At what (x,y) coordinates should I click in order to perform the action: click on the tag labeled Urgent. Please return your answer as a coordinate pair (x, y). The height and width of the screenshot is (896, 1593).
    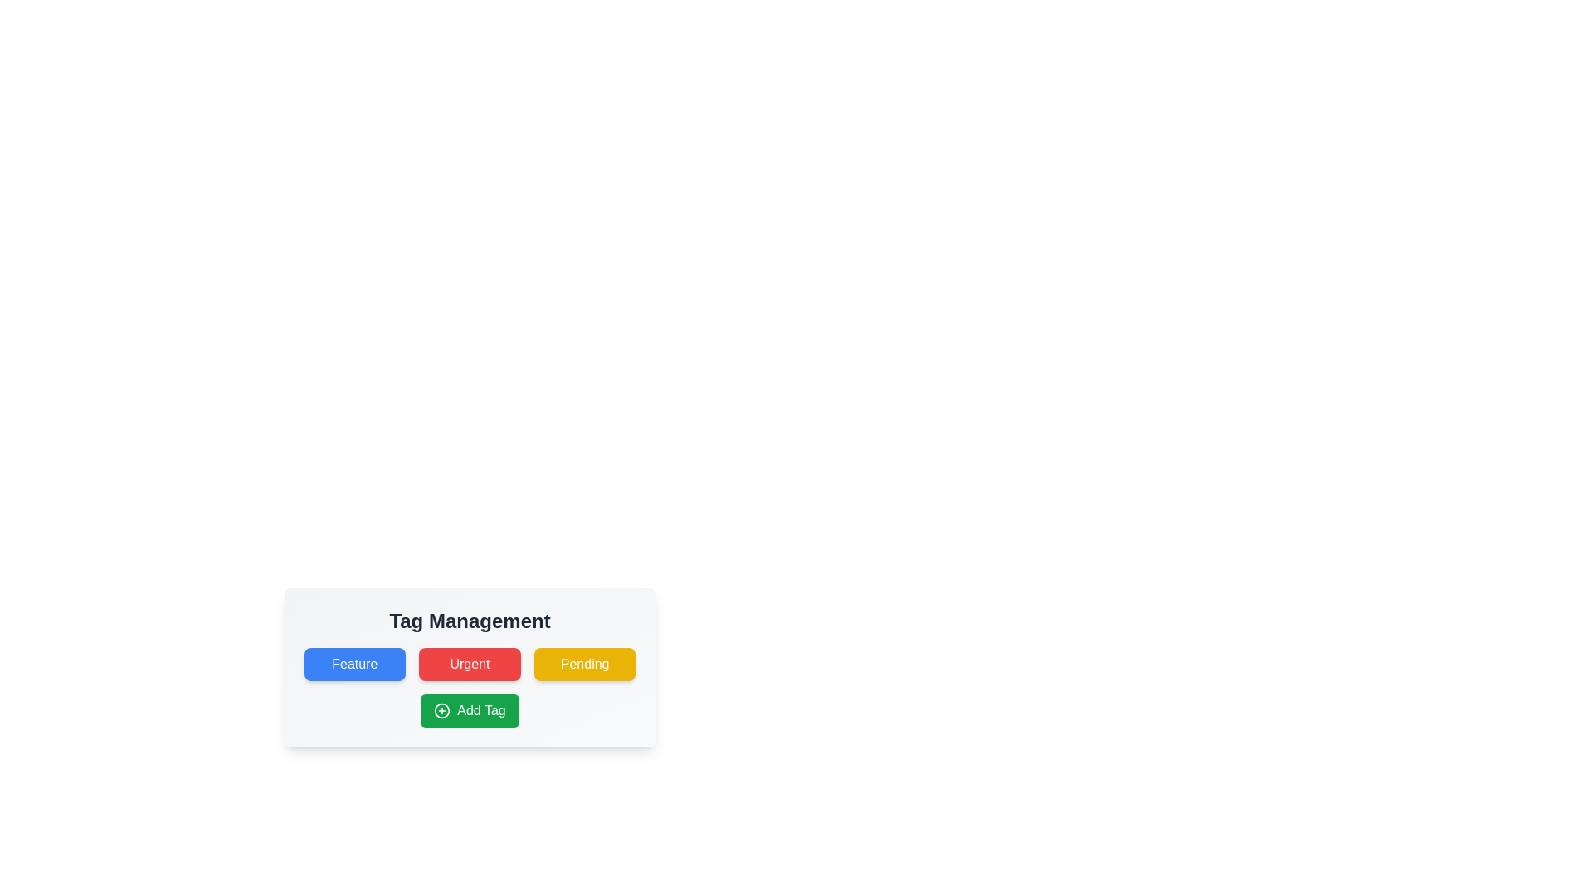
    Looking at the image, I should click on (469, 664).